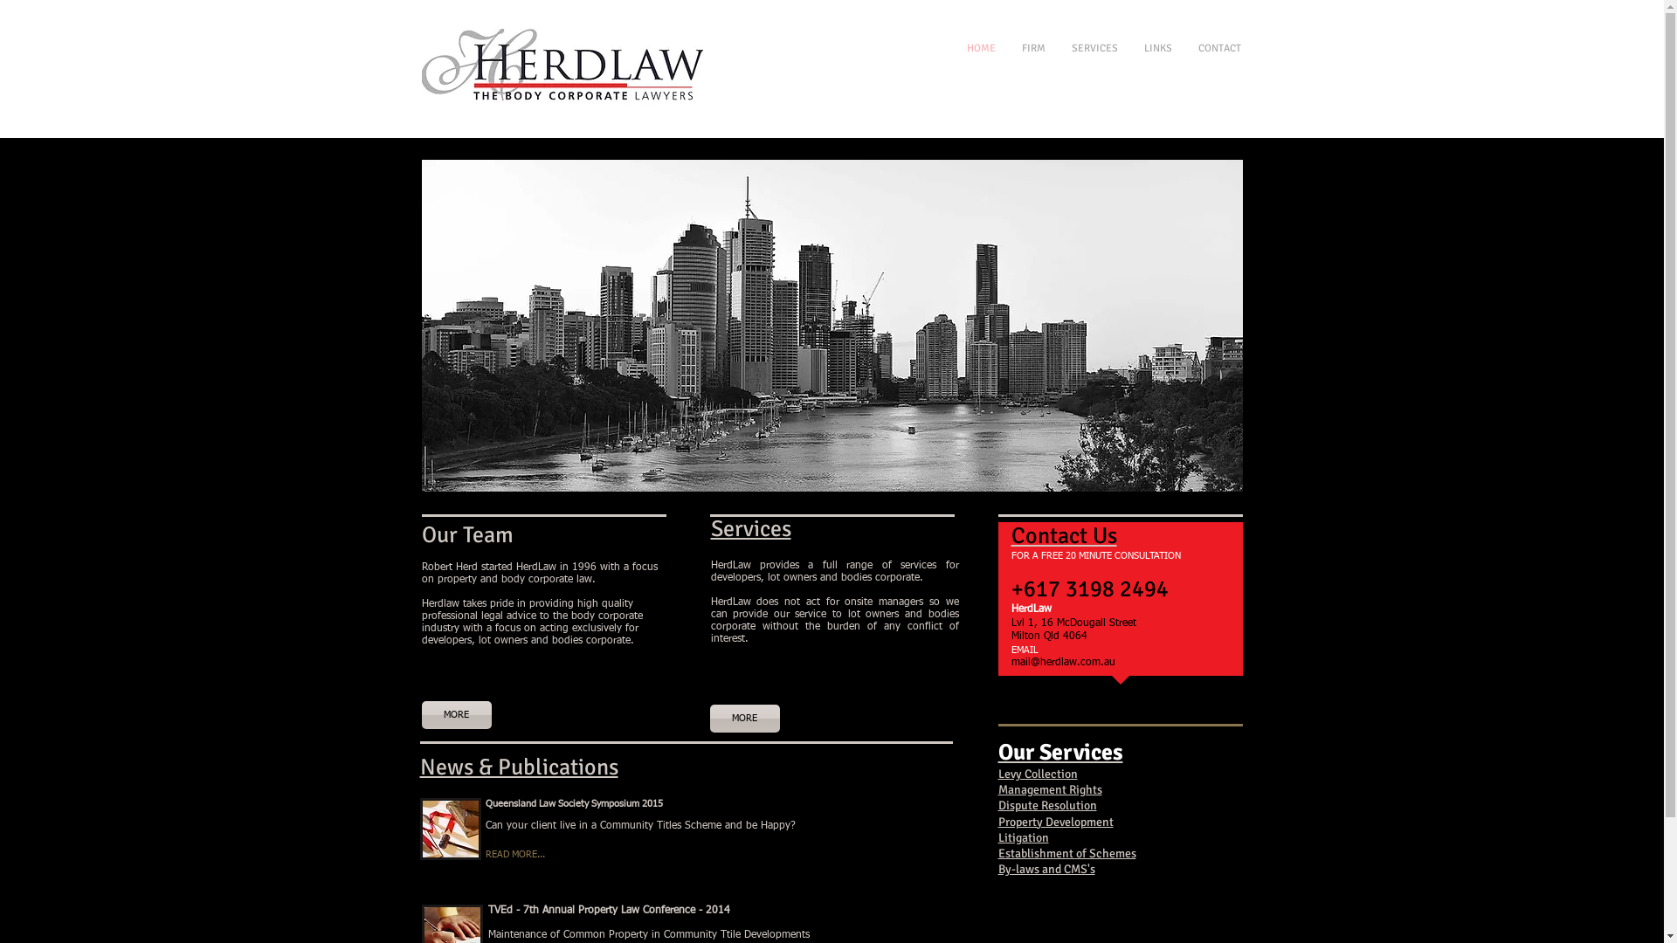  I want to click on 'mail@herdlaw.com.au', so click(1062, 663).